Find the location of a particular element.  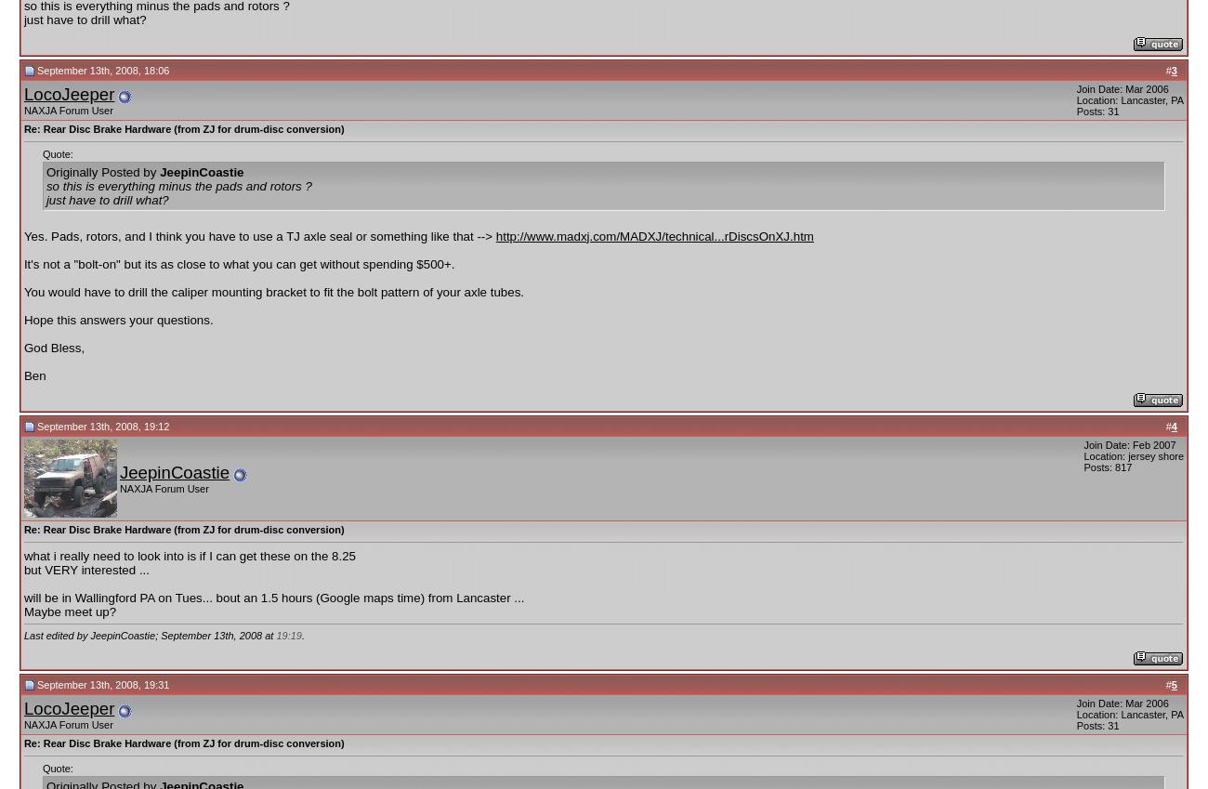

'Maybe meet up?' is located at coordinates (70, 611).